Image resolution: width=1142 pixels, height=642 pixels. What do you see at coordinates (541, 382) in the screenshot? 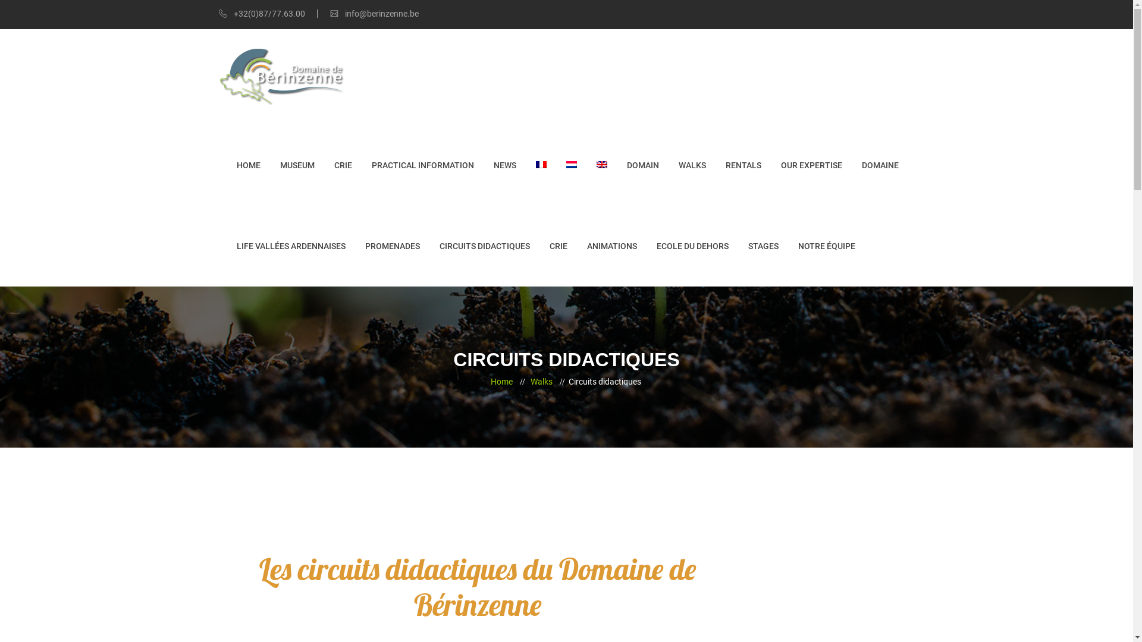
I see `'Walks'` at bounding box center [541, 382].